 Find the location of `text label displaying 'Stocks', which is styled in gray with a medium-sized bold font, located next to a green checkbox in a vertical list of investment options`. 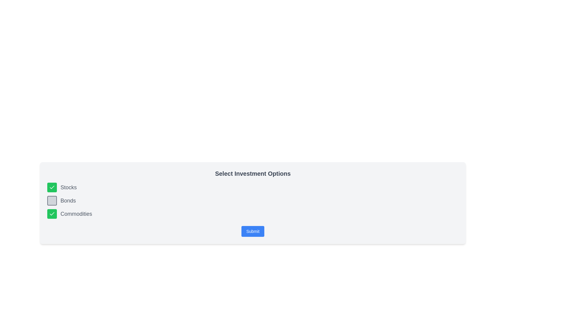

text label displaying 'Stocks', which is styled in gray with a medium-sized bold font, located next to a green checkbox in a vertical list of investment options is located at coordinates (69, 187).